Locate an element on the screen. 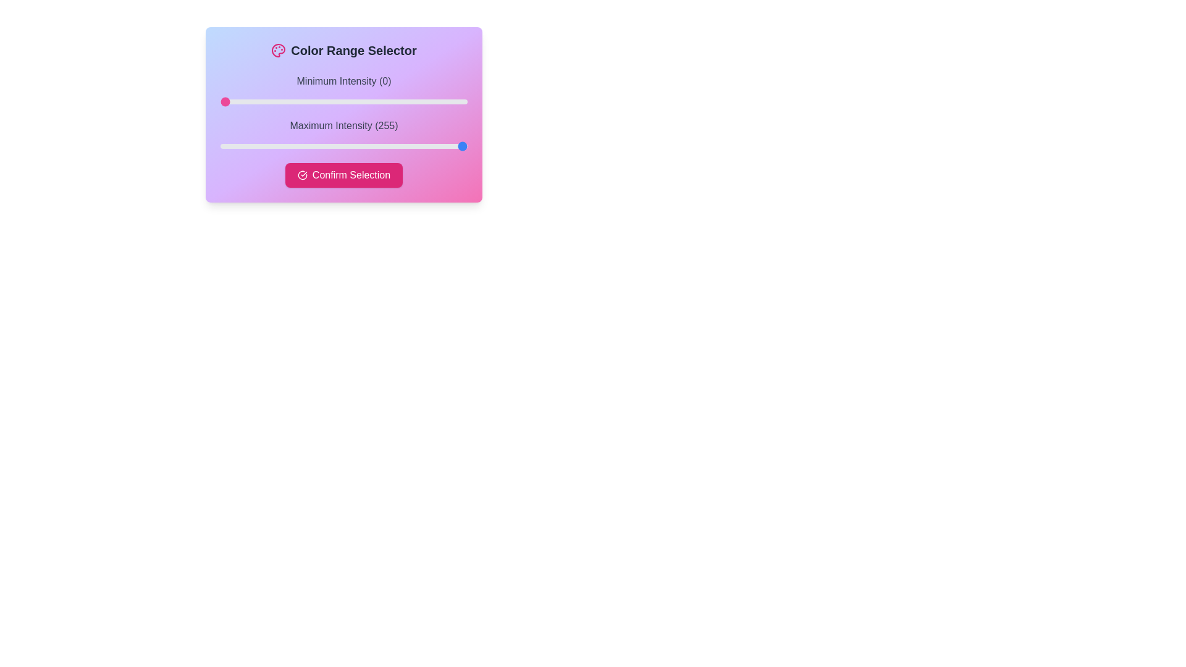 The width and height of the screenshot is (1186, 667). the slider to set the intensity to 75 is located at coordinates (292, 101).